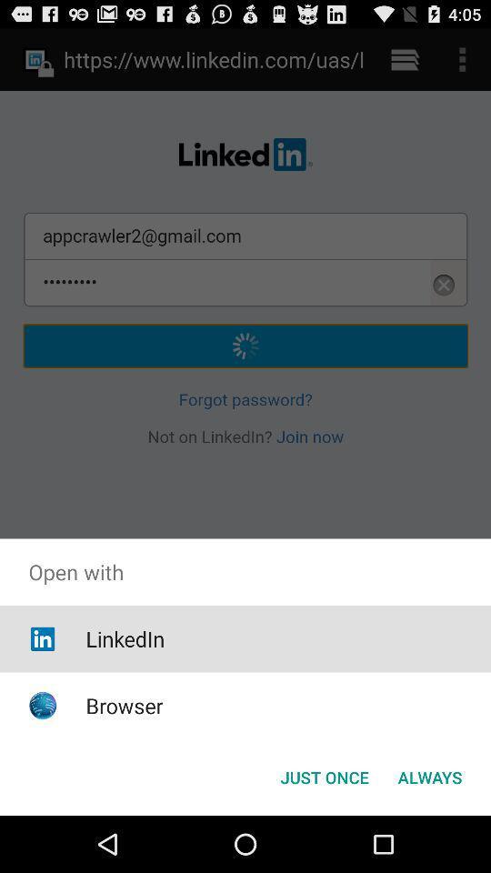 The width and height of the screenshot is (491, 873). I want to click on item below linkedin icon, so click(124, 705).